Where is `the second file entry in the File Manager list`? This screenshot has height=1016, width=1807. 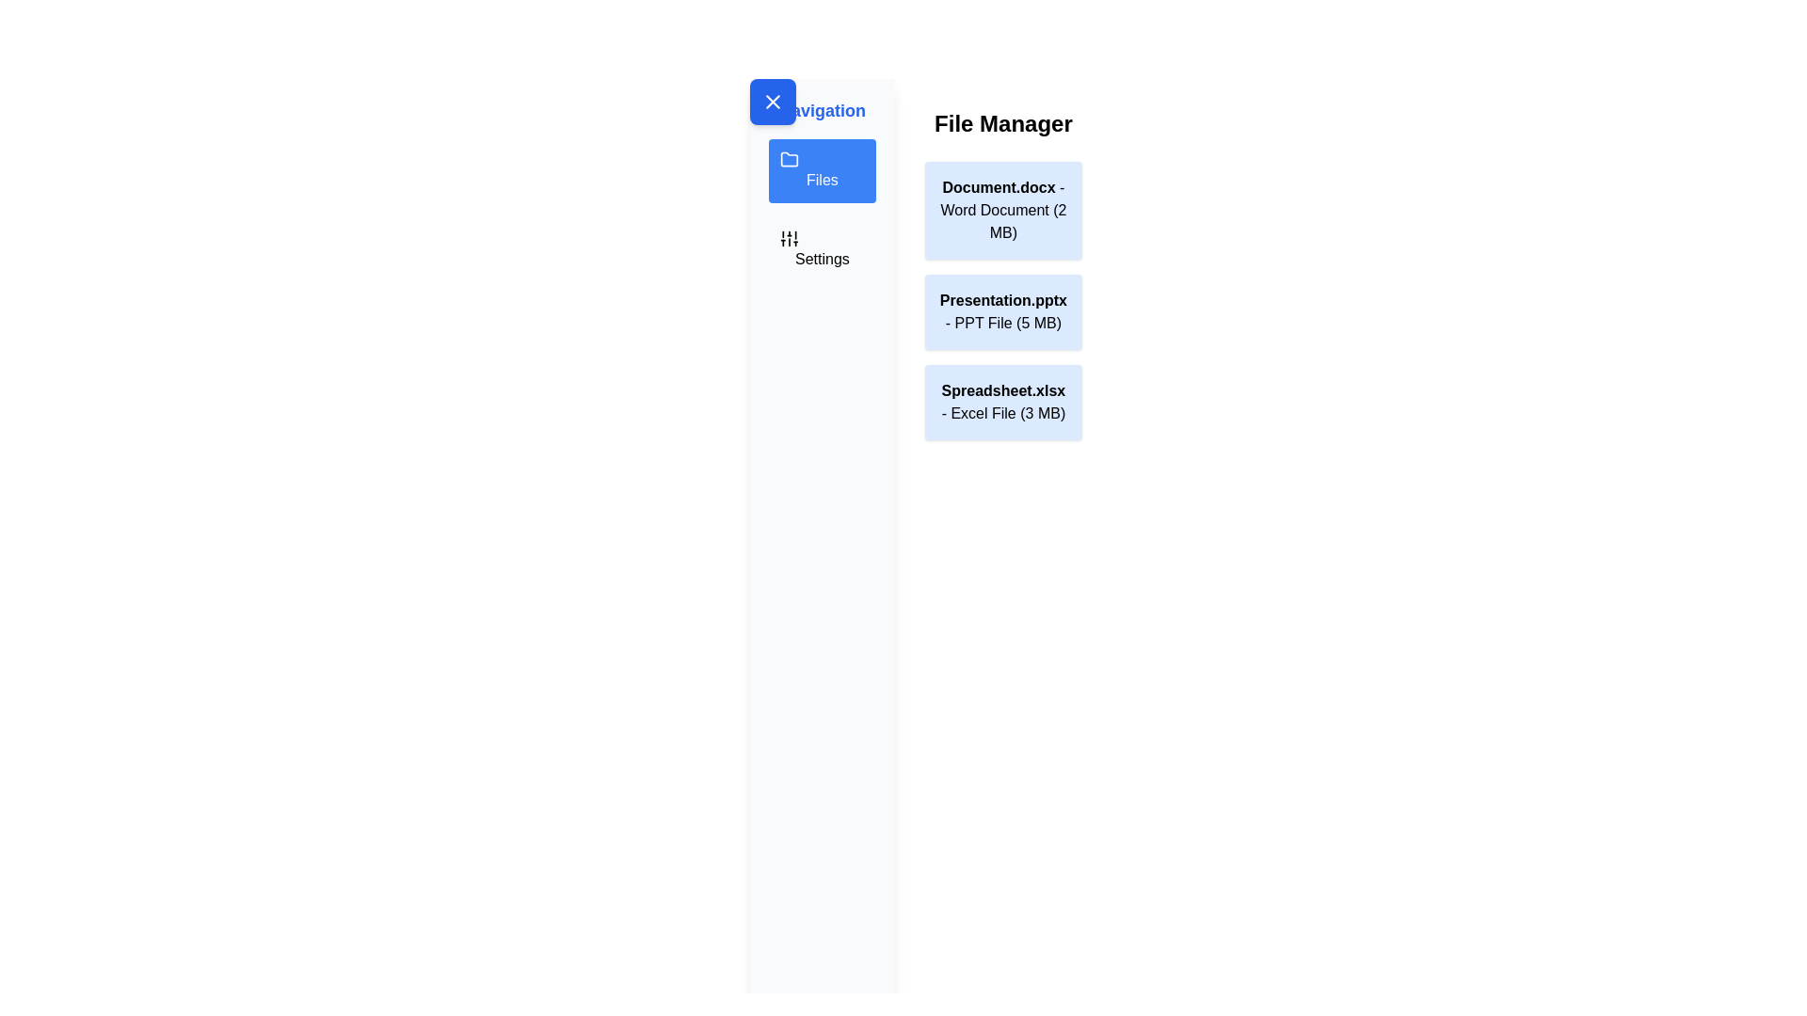
the second file entry in the File Manager list is located at coordinates (1002, 275).